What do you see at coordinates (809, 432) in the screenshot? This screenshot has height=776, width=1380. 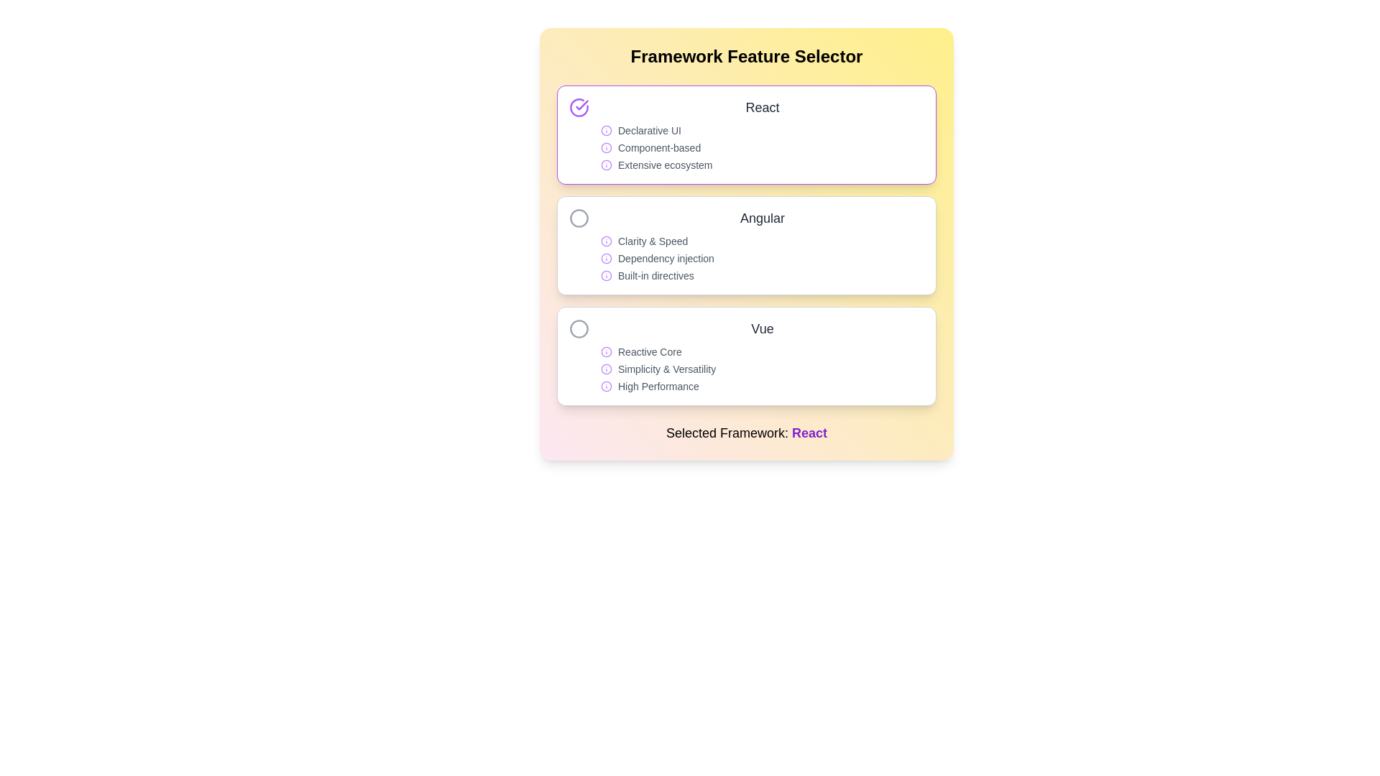 I see `the text label that indicates the currently selected framework, which displays 'React' and is located at the bottom of the interface` at bounding box center [809, 432].